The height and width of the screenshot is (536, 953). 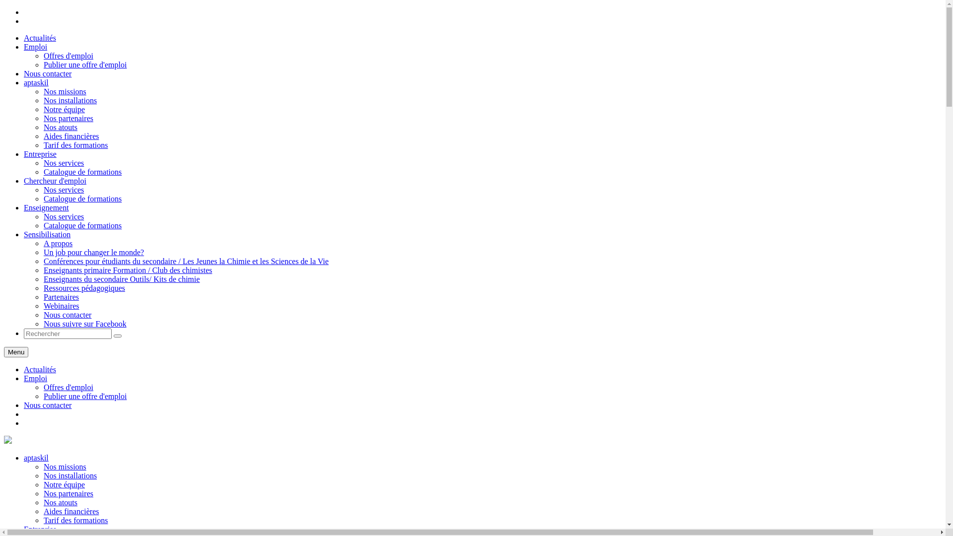 What do you see at coordinates (60, 127) in the screenshot?
I see `'Nos atouts'` at bounding box center [60, 127].